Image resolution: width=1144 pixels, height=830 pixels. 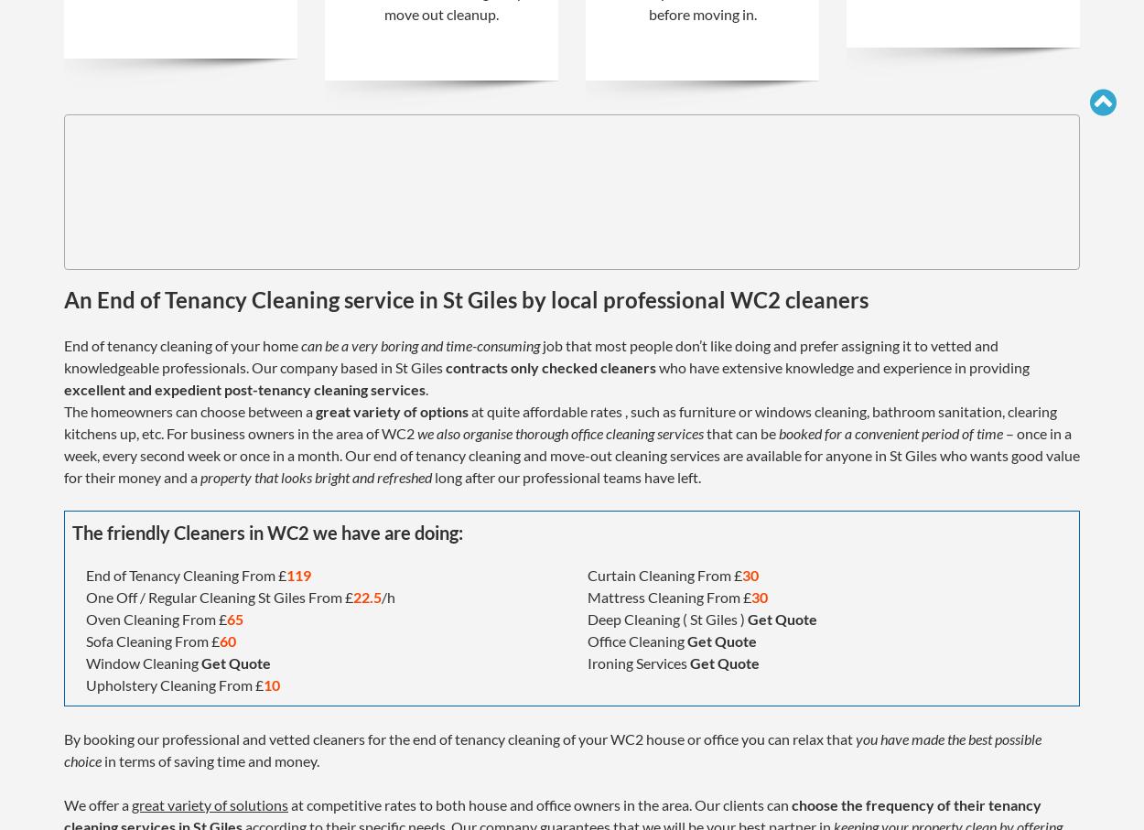 What do you see at coordinates (181, 344) in the screenshot?
I see `'End of tenancy cleaning of your home'` at bounding box center [181, 344].